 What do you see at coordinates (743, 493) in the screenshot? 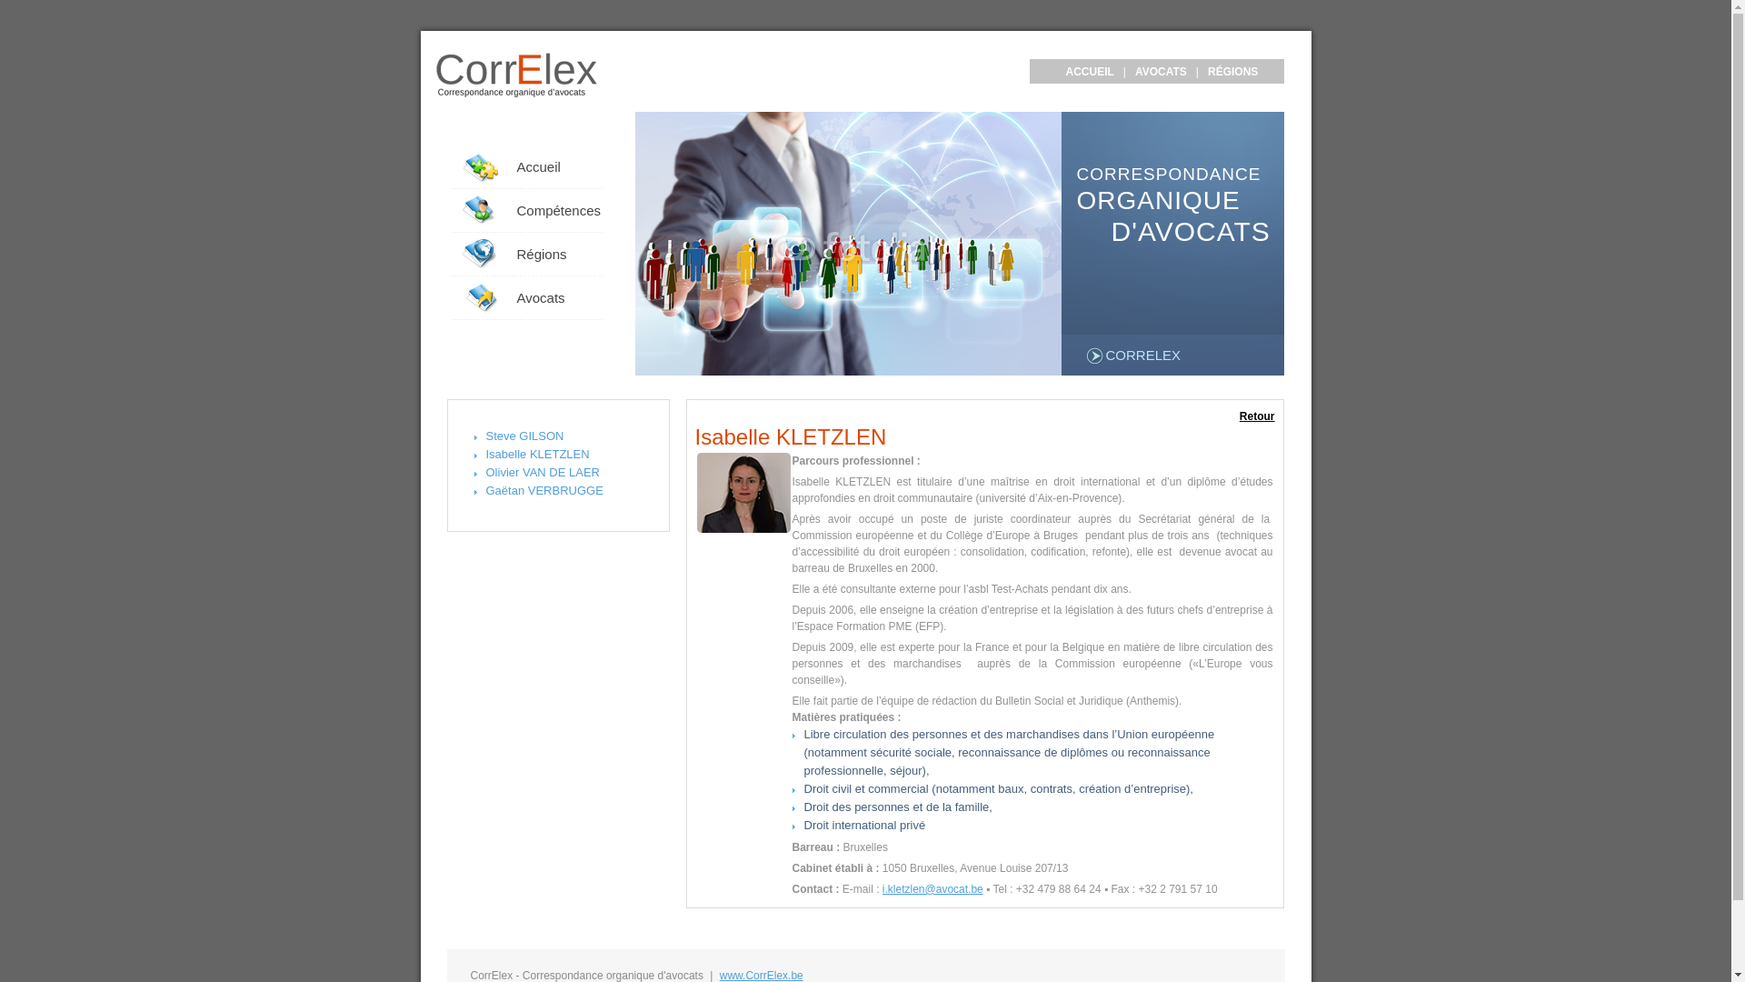
I see `'Isabelle KLETZLEN'` at bounding box center [743, 493].